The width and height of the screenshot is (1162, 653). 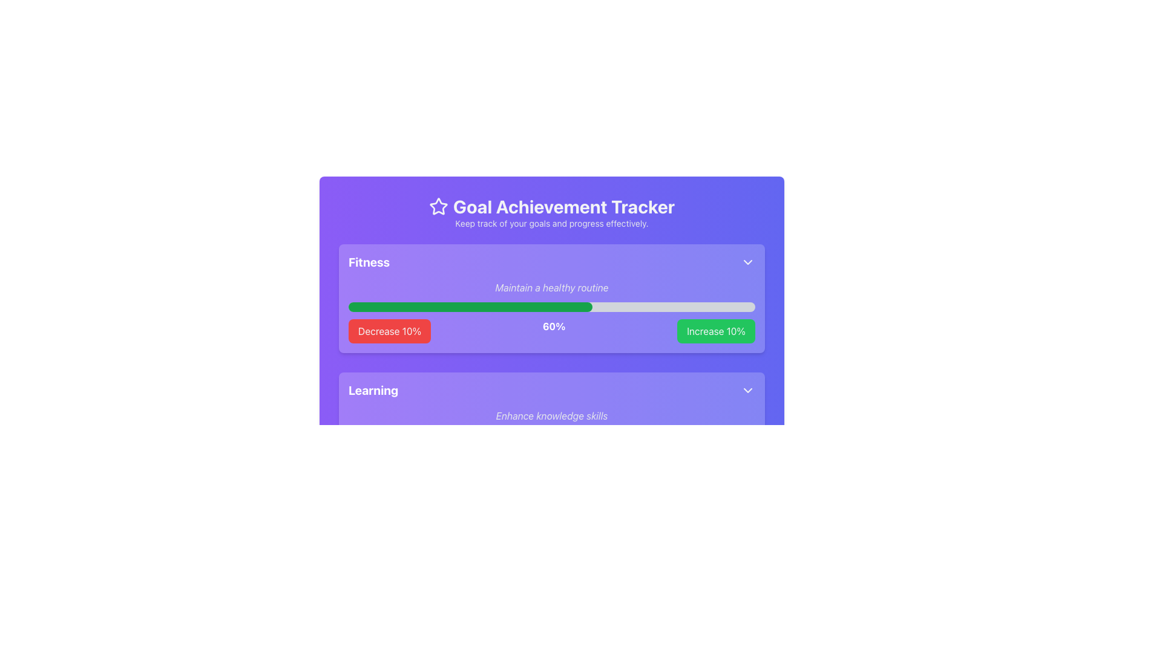 I want to click on the dropdown indicator icon, which is a small downward-pointing chevron located, so click(x=747, y=390).